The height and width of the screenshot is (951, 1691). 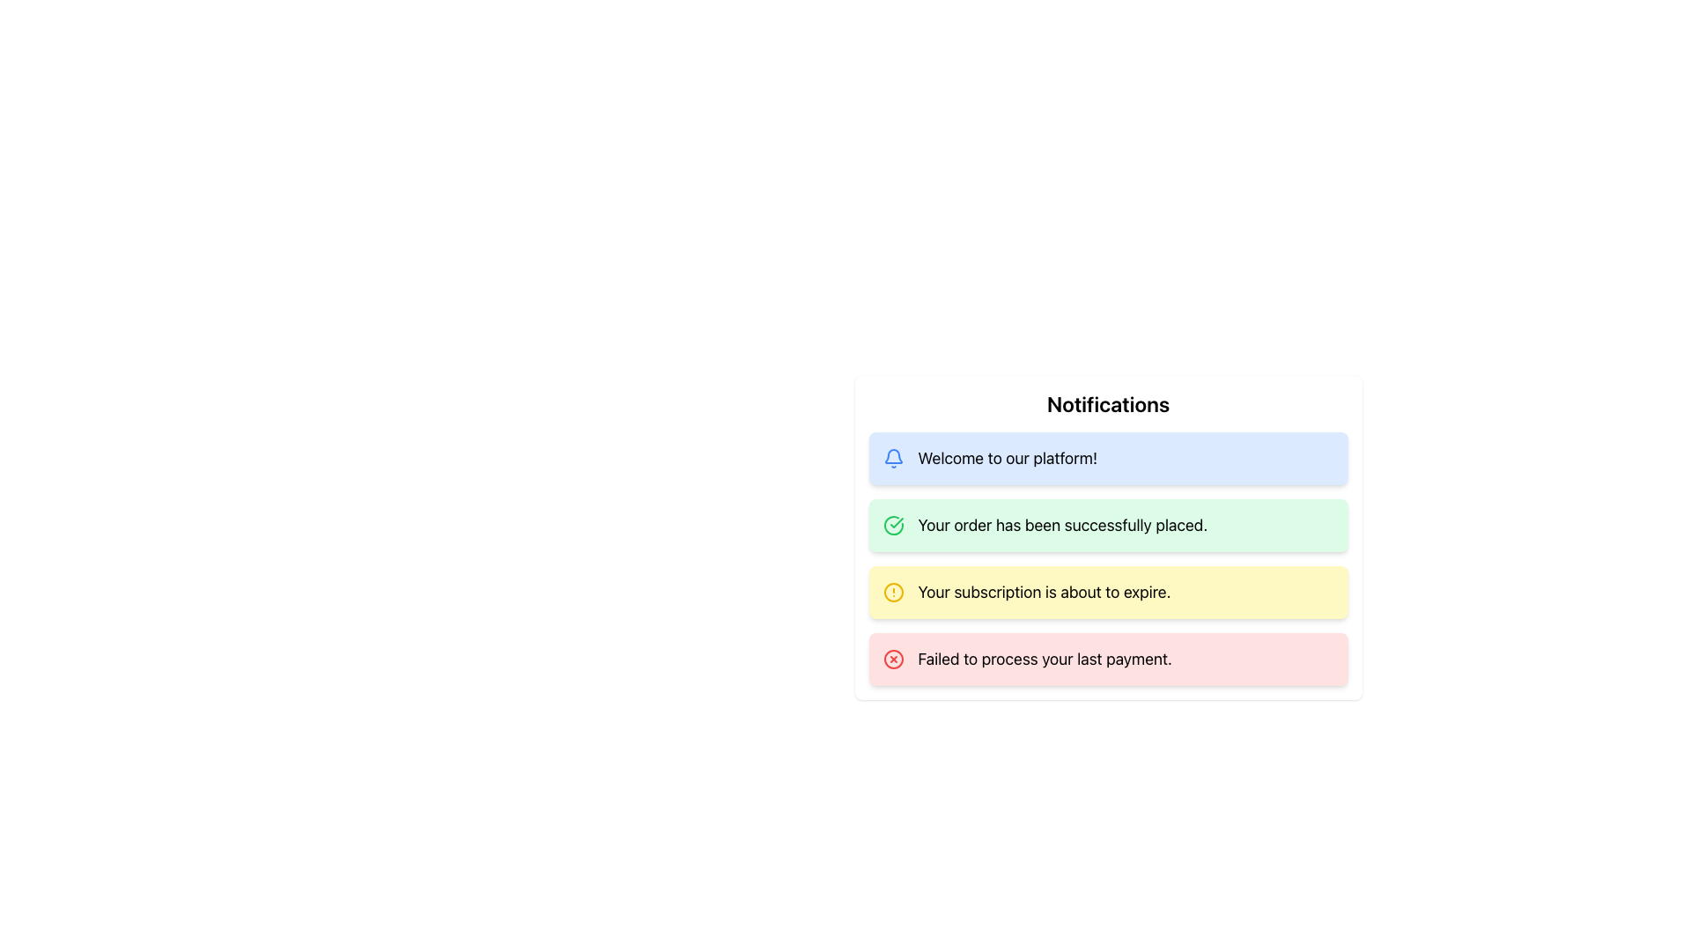 I want to click on the bell-shaped icon with a blue outline, located to the left of the text 'Welcome to our platform!' in the first notification card with a light blue background, so click(x=893, y=457).